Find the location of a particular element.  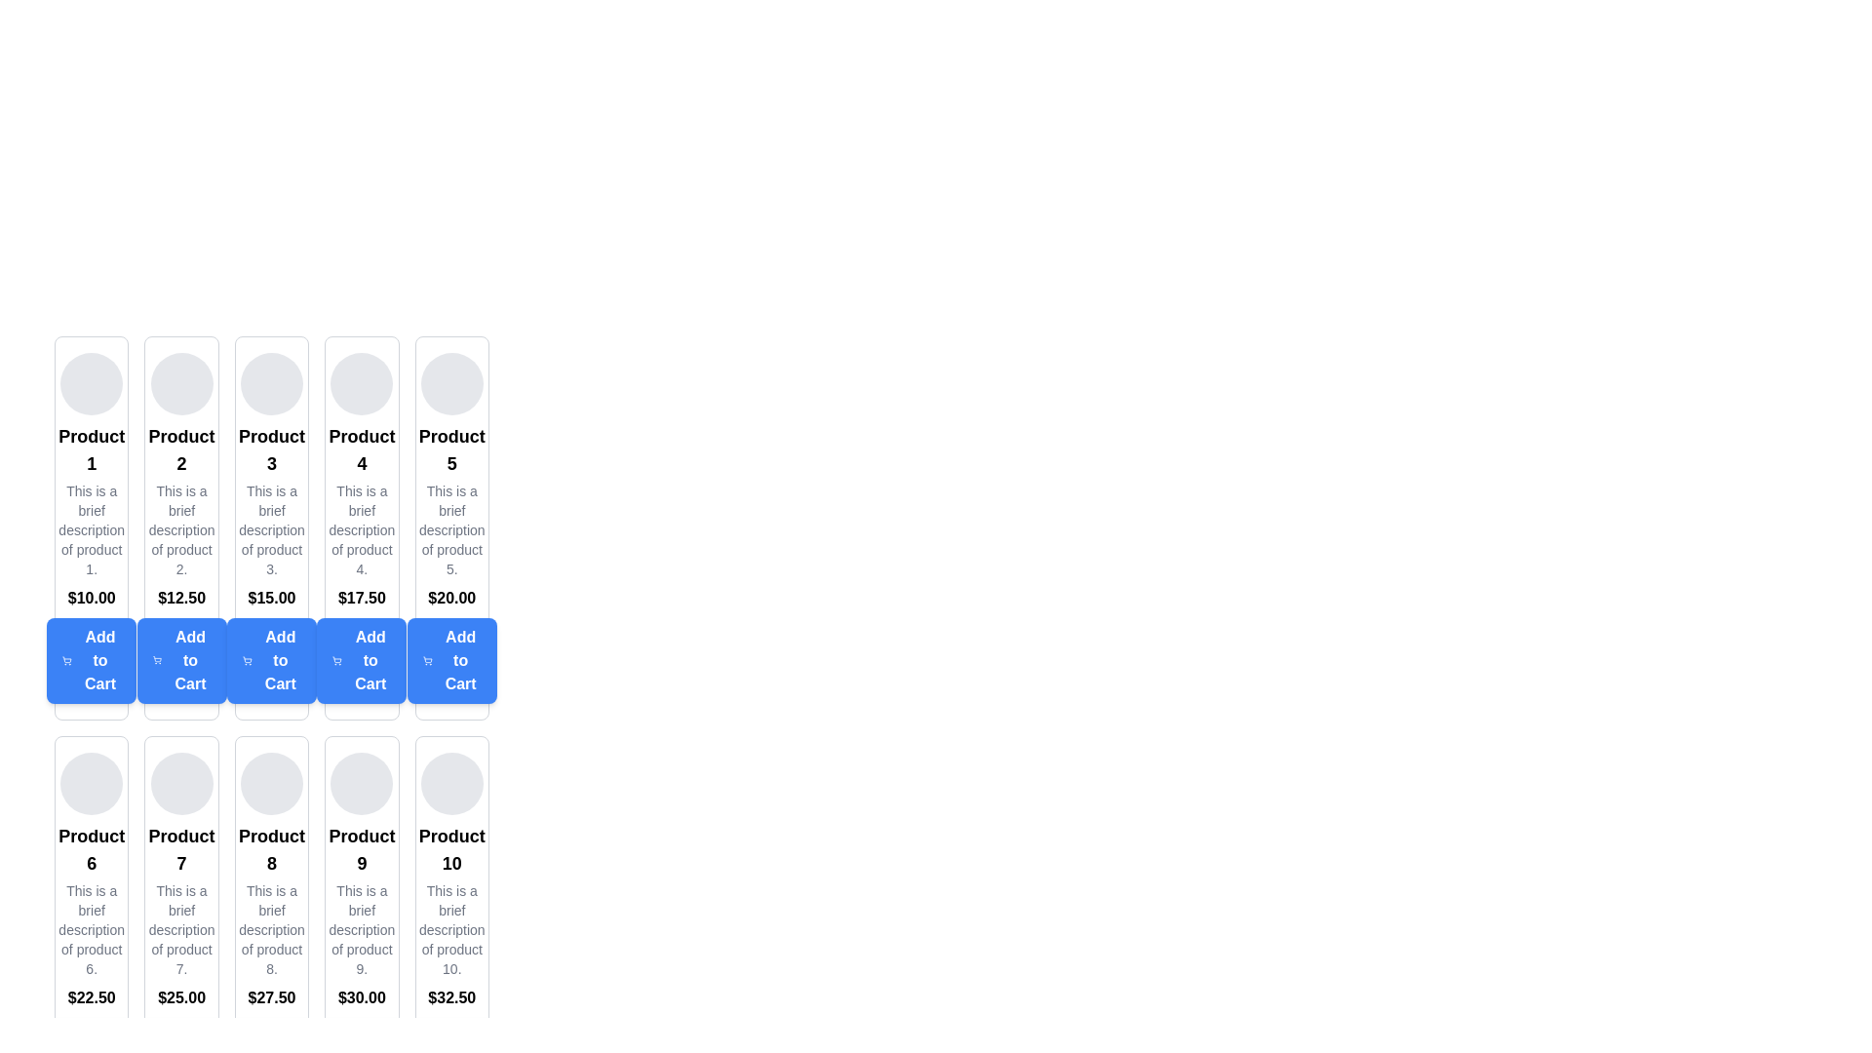

the blue rectangular 'Add to Cart' button with rounded corners, located at the bottom of the 'Product 5' card to trigger the hover effect is located at coordinates (450, 660).